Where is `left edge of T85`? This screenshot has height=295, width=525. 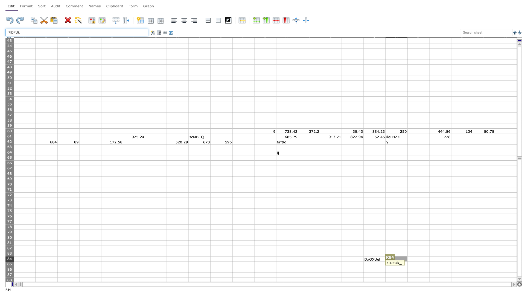 left edge of T85 is located at coordinates (429, 264).